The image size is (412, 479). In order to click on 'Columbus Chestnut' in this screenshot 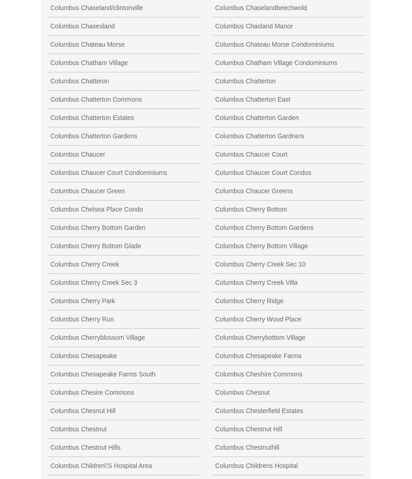, I will do `click(78, 428)`.